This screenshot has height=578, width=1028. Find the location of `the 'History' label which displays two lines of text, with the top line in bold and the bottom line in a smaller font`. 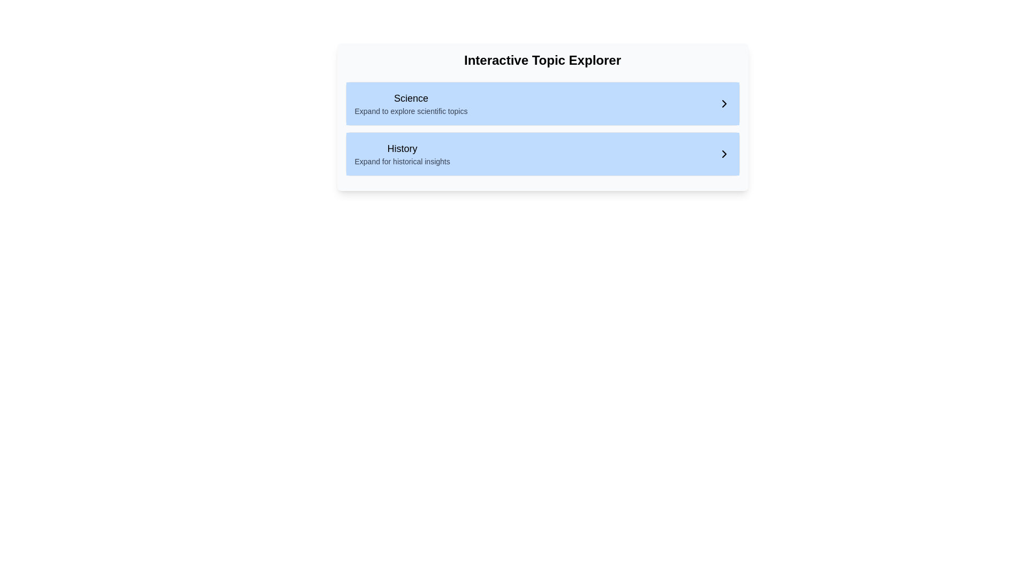

the 'History' label which displays two lines of text, with the top line in bold and the bottom line in a smaller font is located at coordinates (402, 154).